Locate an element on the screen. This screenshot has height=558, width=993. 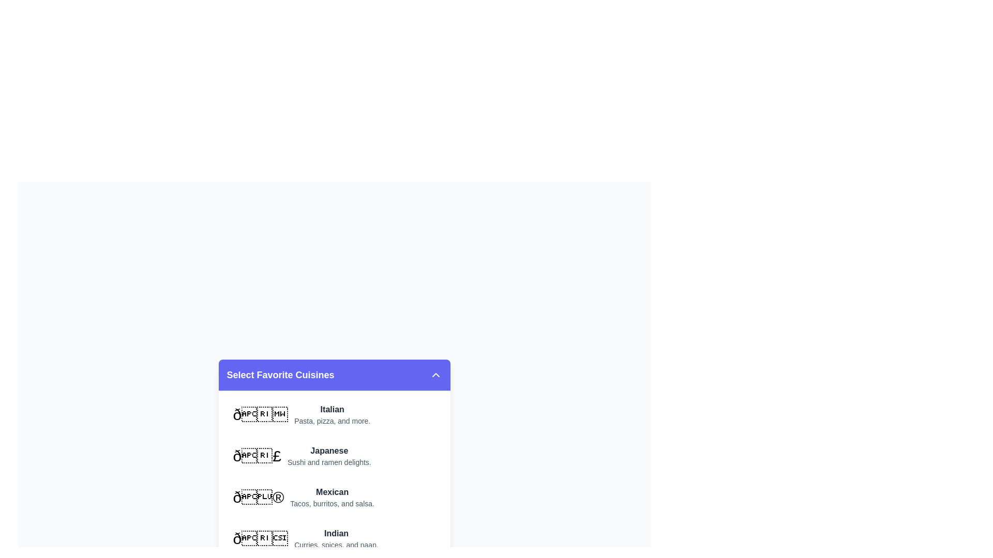
the text label displaying 'Select Favorite Cuisines' which is styled in a large bold font on a purple background, located in the header section of a dropdown component is located at coordinates (280, 375).